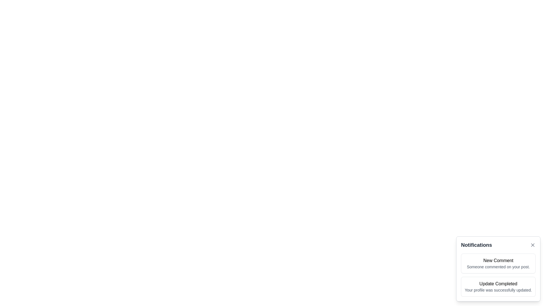 Image resolution: width=545 pixels, height=306 pixels. I want to click on the Notification card that informs the user about their profile update, positioned below the 'New Comment' component in the 'Notifications' section, so click(498, 286).